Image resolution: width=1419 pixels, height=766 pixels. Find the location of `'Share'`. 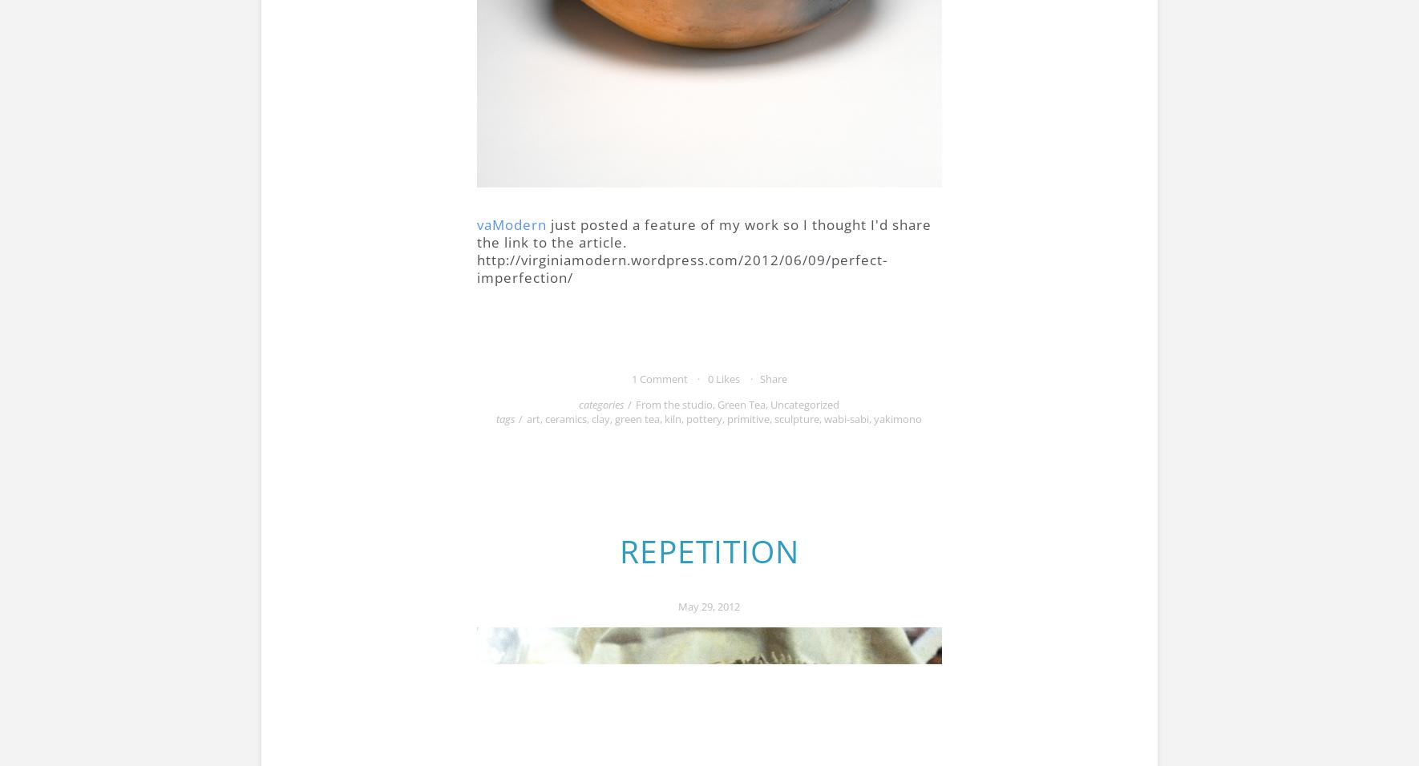

'Share' is located at coordinates (773, 377).